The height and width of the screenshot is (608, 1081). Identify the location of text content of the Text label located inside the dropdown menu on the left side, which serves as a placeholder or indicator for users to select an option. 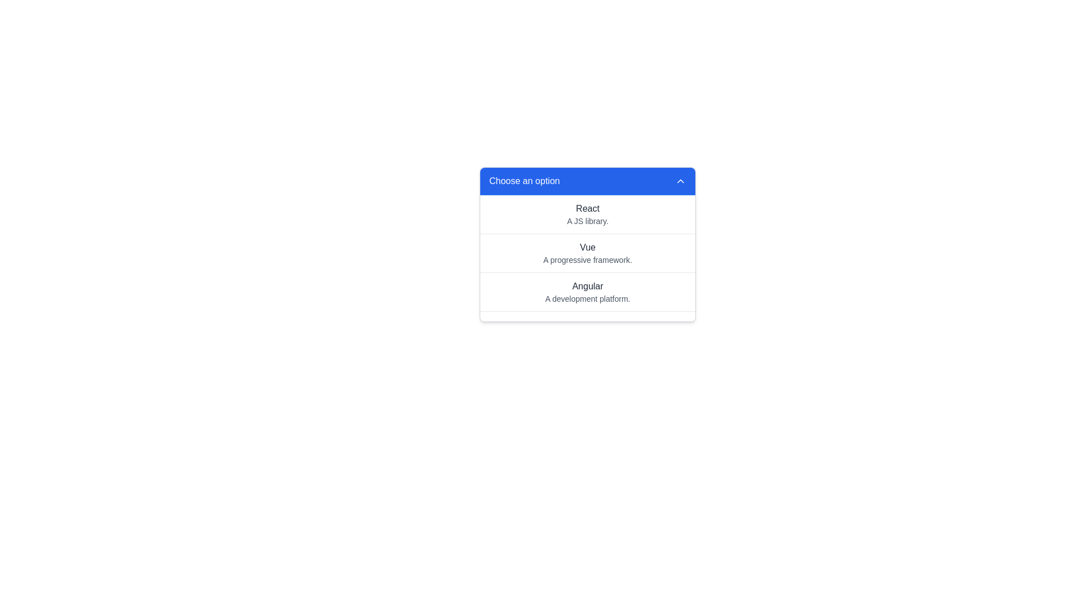
(524, 180).